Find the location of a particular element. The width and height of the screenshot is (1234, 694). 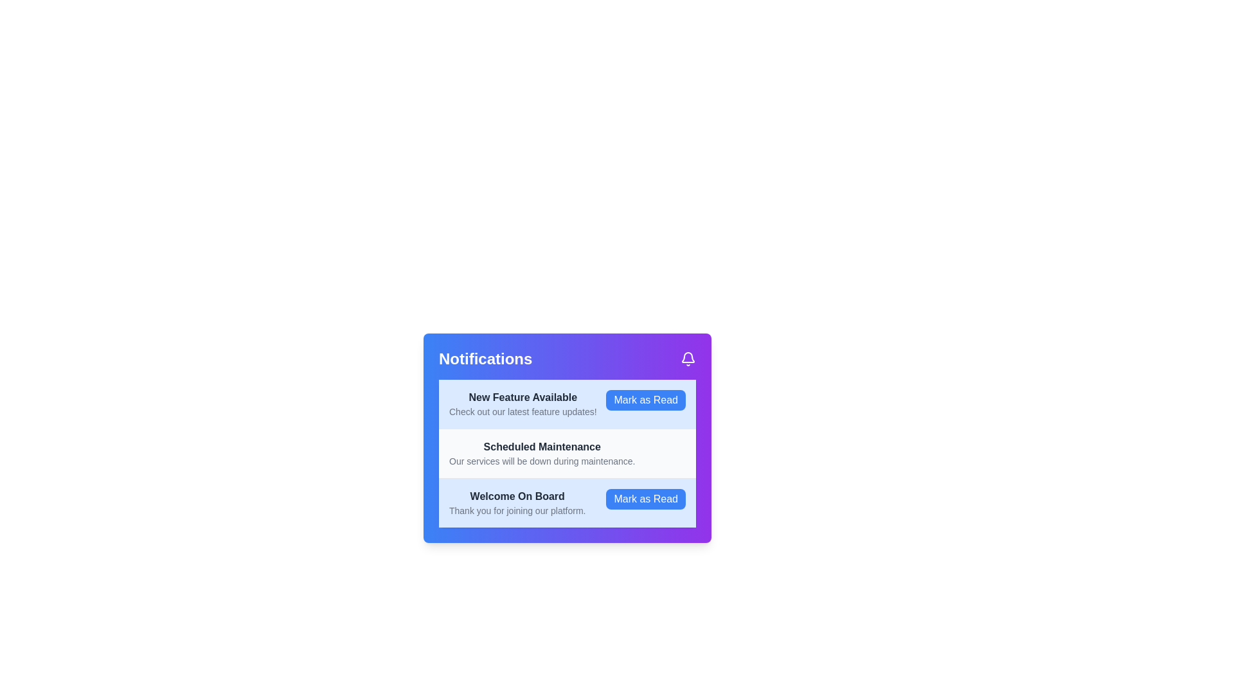

the thank you note text element located directly below the 'Welcome On Board' heading in the bottom-left section of the notification card is located at coordinates (517, 510).